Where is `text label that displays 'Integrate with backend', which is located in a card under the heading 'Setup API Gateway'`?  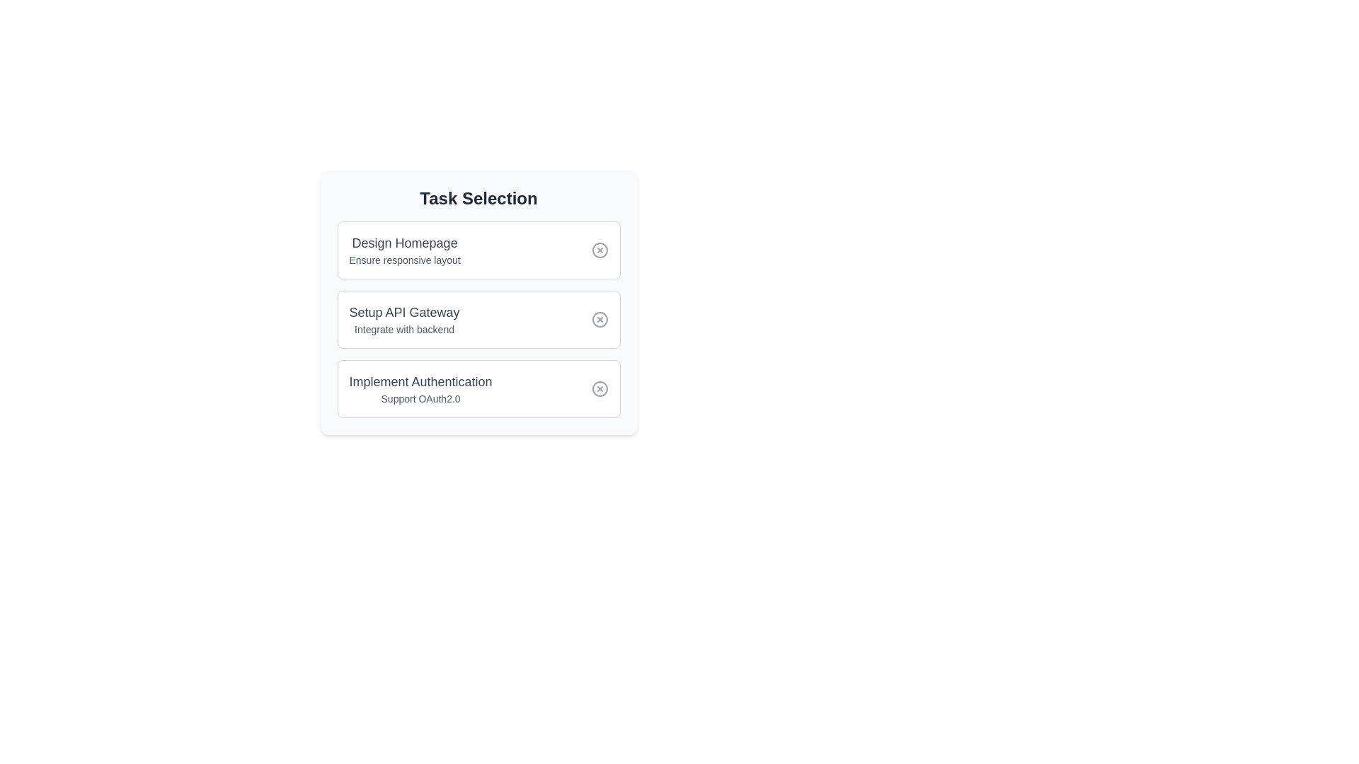
text label that displays 'Integrate with backend', which is located in a card under the heading 'Setup API Gateway' is located at coordinates (403, 330).